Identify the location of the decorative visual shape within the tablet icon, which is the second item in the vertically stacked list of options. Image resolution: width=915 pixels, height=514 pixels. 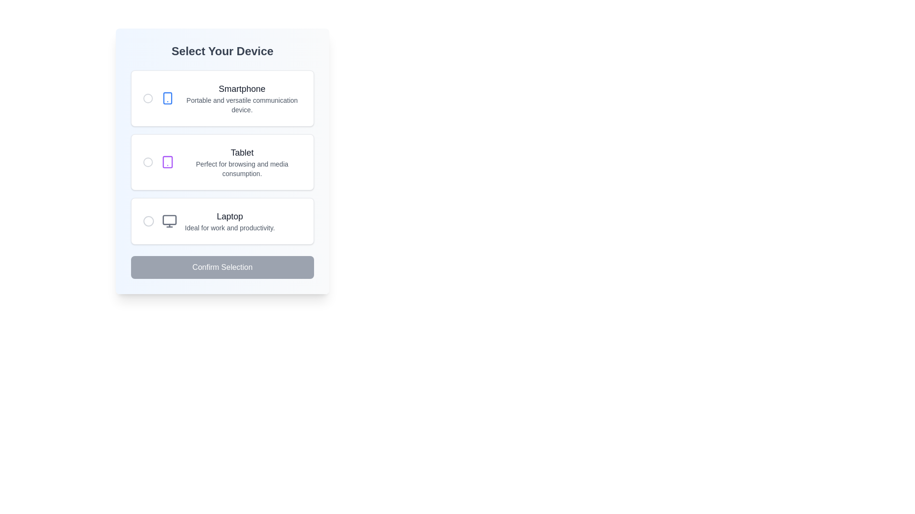
(167, 161).